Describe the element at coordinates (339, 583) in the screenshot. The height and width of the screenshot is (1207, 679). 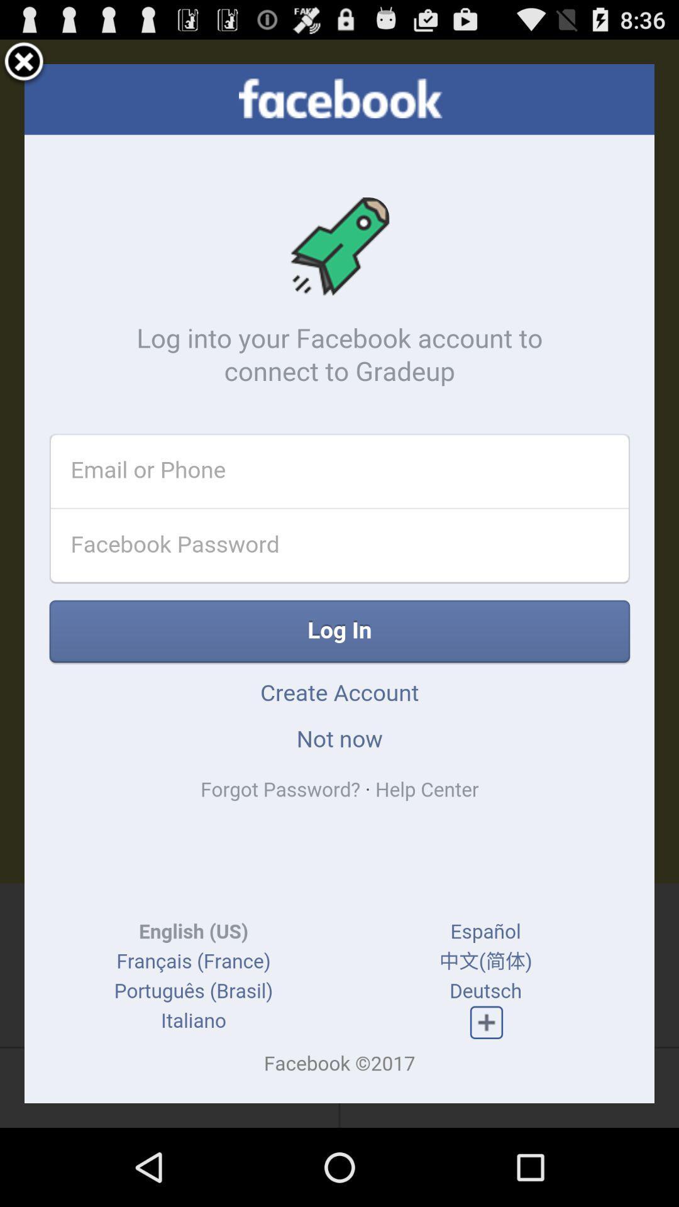
I see `to go facebook` at that location.